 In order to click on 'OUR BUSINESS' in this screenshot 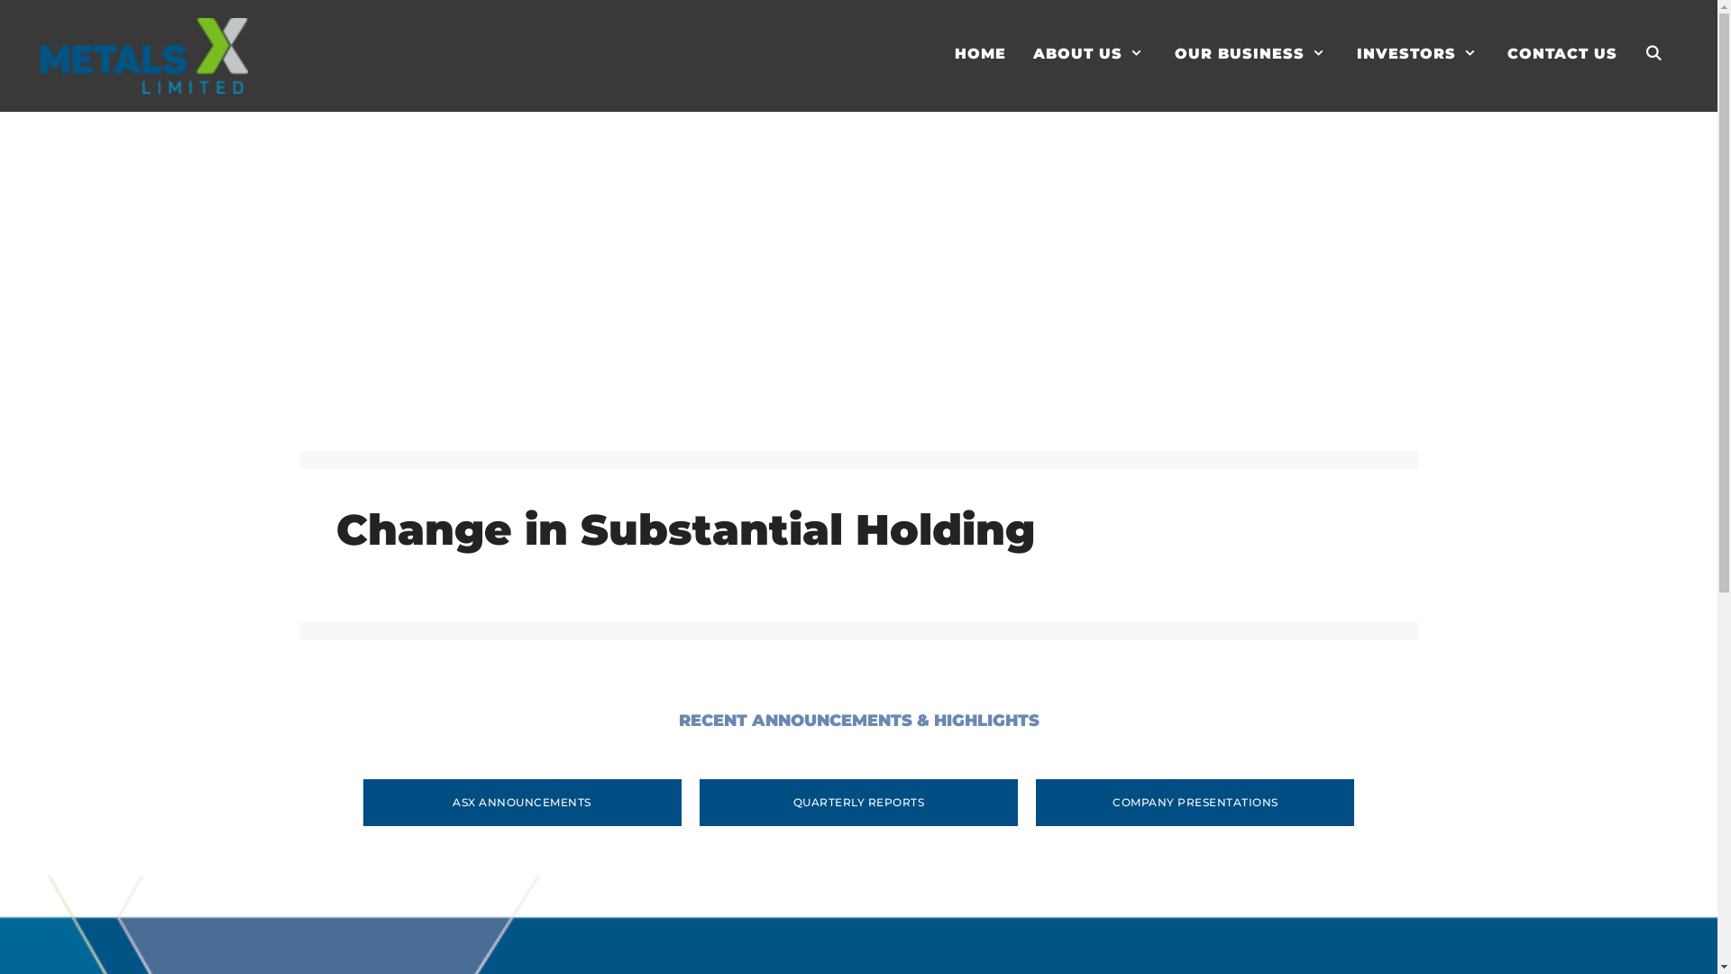, I will do `click(1250, 53)`.